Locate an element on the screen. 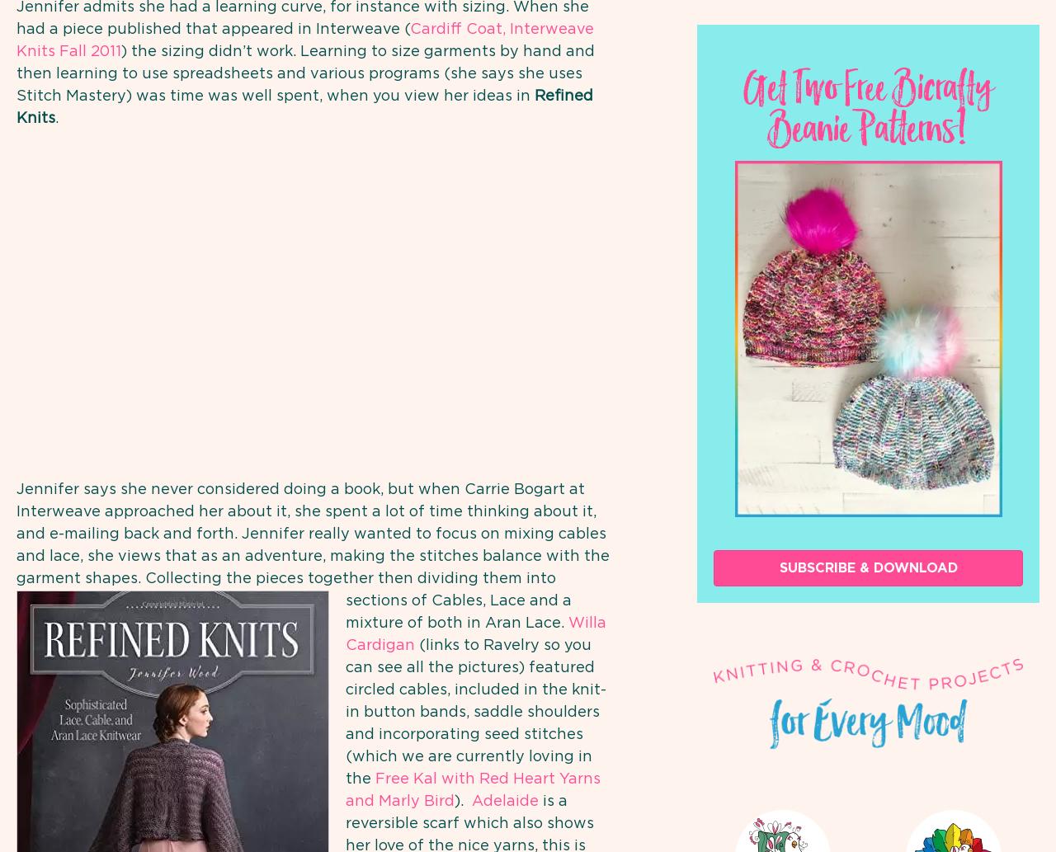 The image size is (1056, 852). '(links to Ravelry so you can see all the pictures) featured circled cables, included in the knit-in button bands, saddle shoulders and incorporating seed stitches (which we are currently loving in the' is located at coordinates (344, 712).